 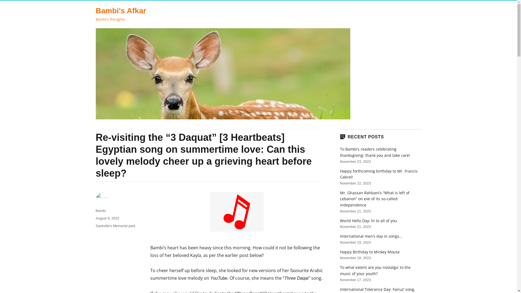 I want to click on 'Bambi', so click(x=95, y=210).